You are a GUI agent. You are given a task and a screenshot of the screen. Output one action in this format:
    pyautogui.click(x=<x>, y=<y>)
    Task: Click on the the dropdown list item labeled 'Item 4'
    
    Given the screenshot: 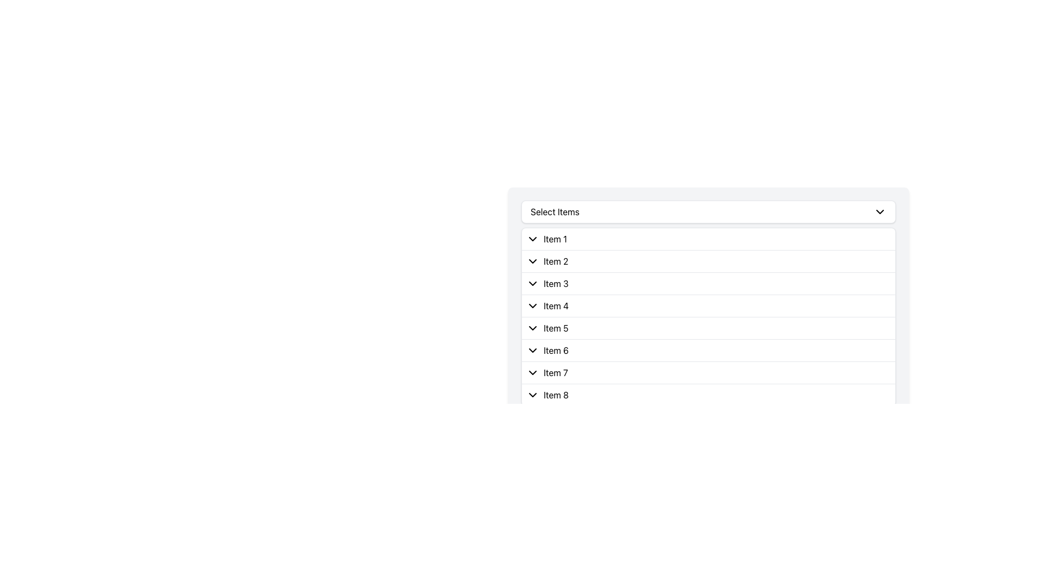 What is the action you would take?
    pyautogui.click(x=708, y=305)
    